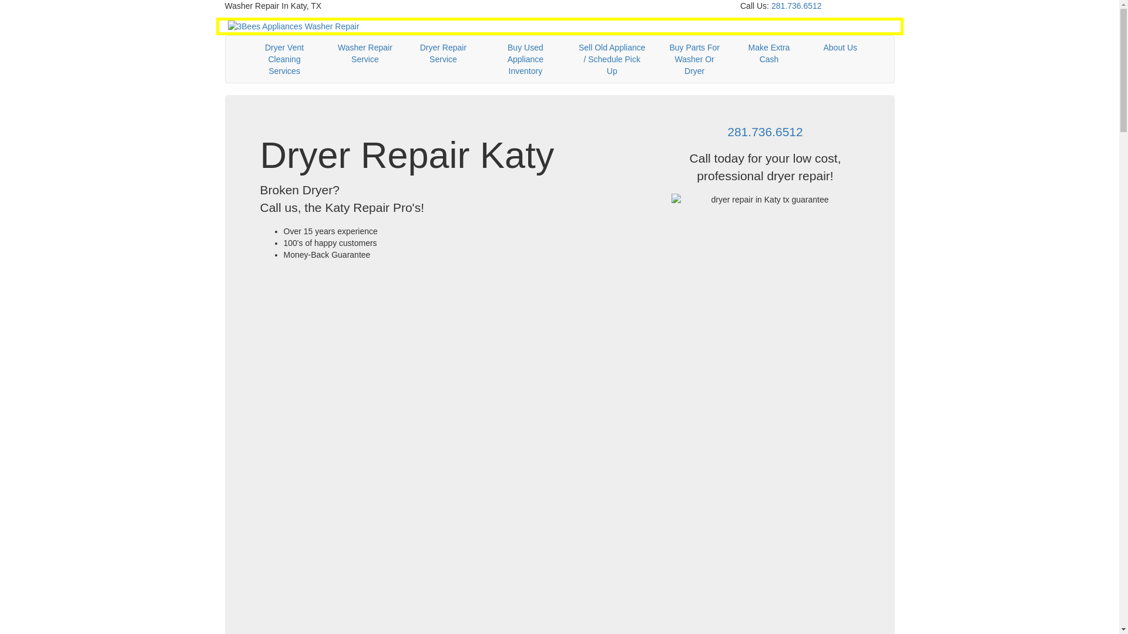 The image size is (1128, 634). I want to click on 'About Us', so click(840, 47).